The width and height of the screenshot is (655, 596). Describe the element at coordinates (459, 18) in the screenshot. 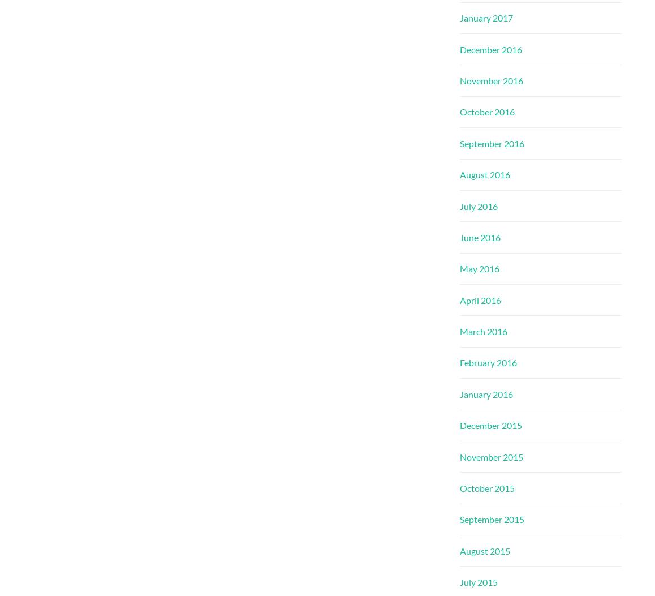

I see `'January 2017'` at that location.